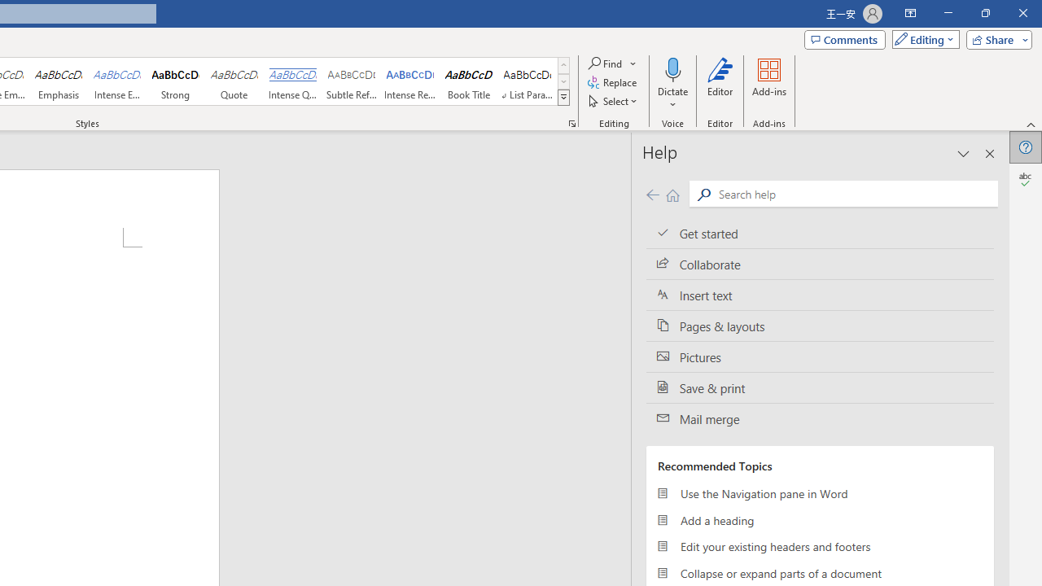 This screenshot has width=1042, height=586. I want to click on 'Find', so click(605, 63).